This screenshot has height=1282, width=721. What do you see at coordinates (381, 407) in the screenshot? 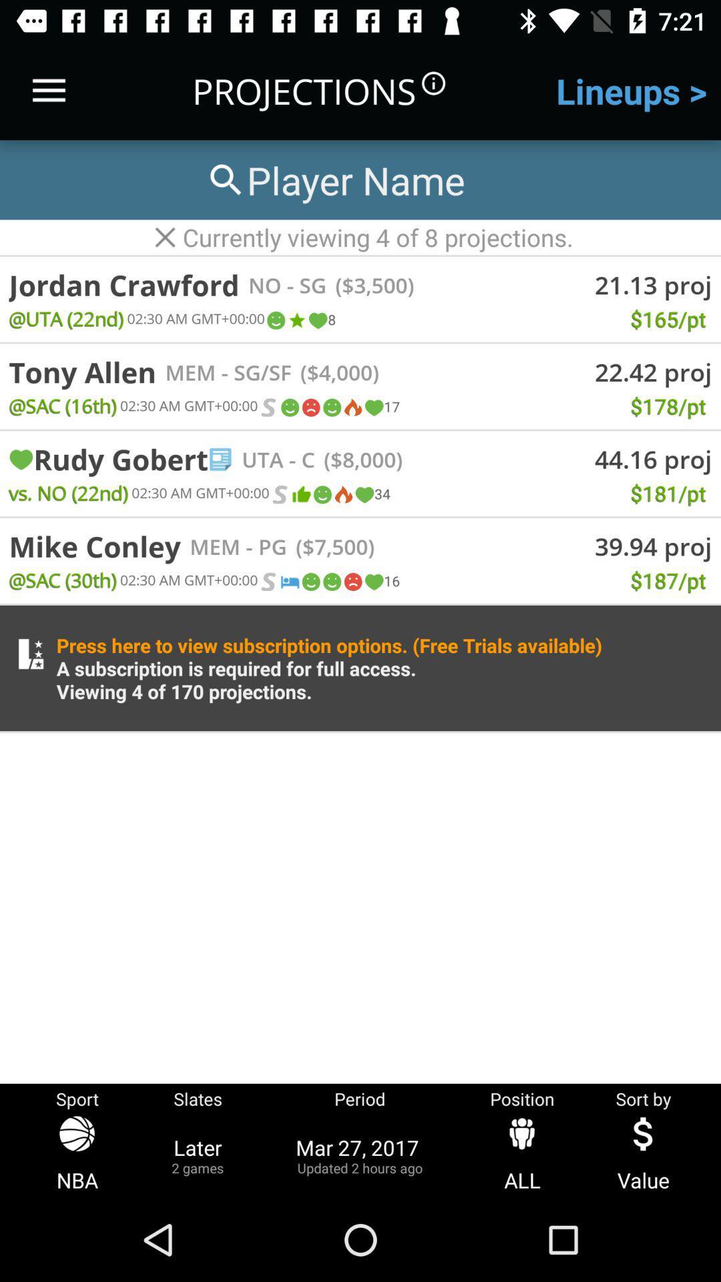
I see `icon to the left of $178/pt item` at bounding box center [381, 407].